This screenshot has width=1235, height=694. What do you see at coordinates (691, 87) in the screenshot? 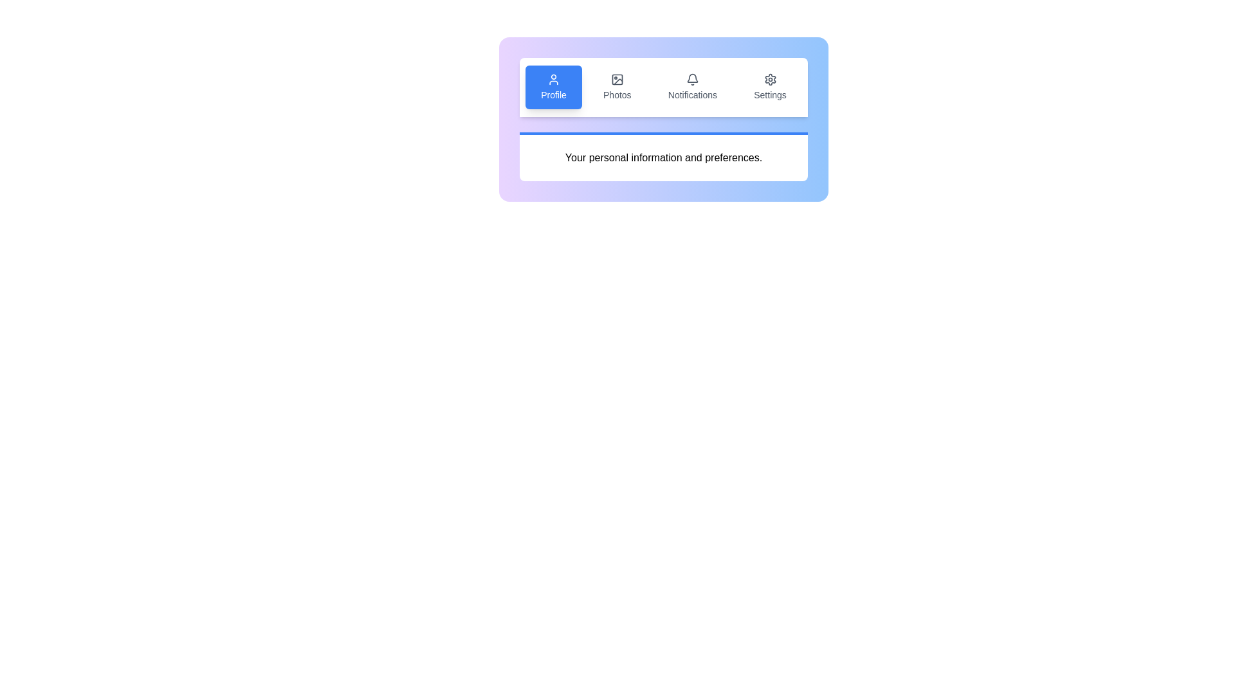
I see `the tab labeled Notifications to view its content` at bounding box center [691, 87].